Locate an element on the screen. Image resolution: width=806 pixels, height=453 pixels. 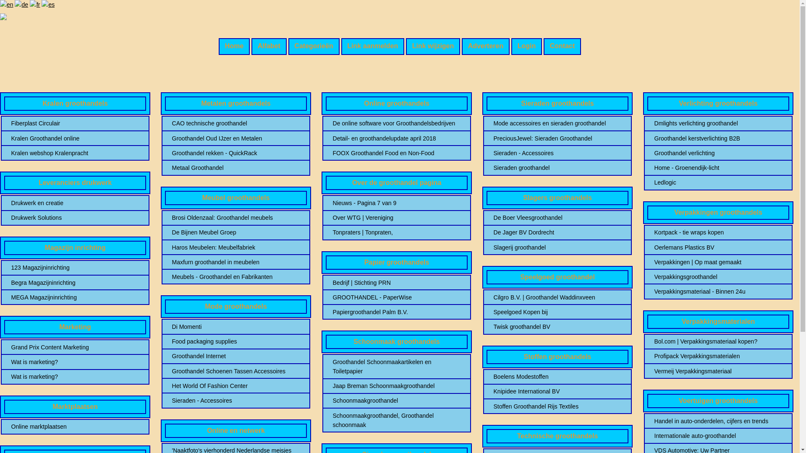
'Groothandel Oud IJzer en Metalen' is located at coordinates (236, 138).